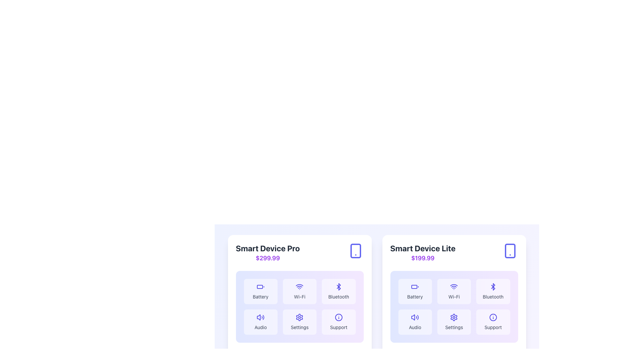 The height and width of the screenshot is (359, 639). I want to click on the label that describes the Bluetooth button, which is positioned below the Bluetooth icon in the 'Smart Device Lite' section of the UI, so click(493, 297).